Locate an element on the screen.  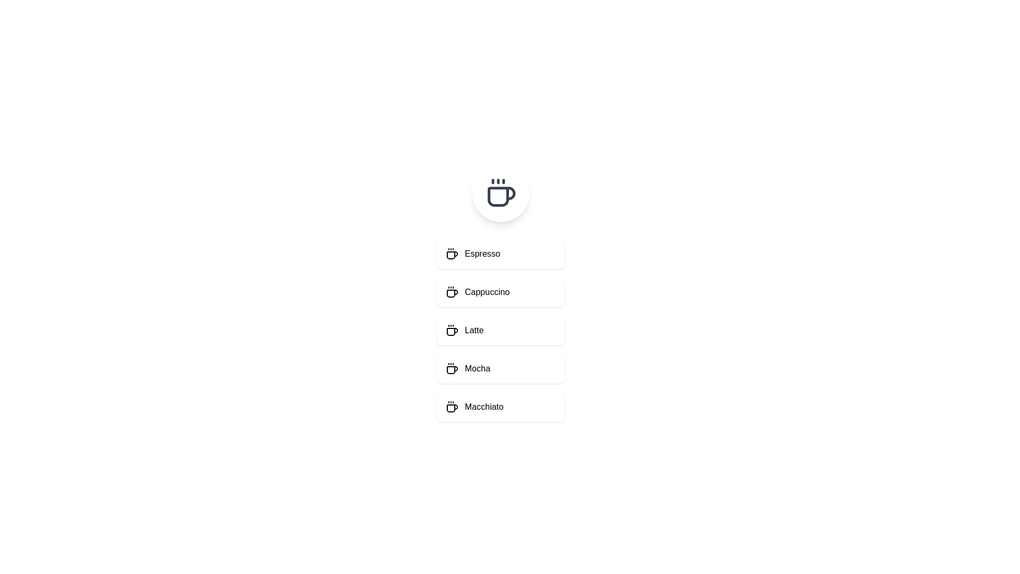
the menu item Espresso to observe its hover effect is located at coordinates (500, 254).